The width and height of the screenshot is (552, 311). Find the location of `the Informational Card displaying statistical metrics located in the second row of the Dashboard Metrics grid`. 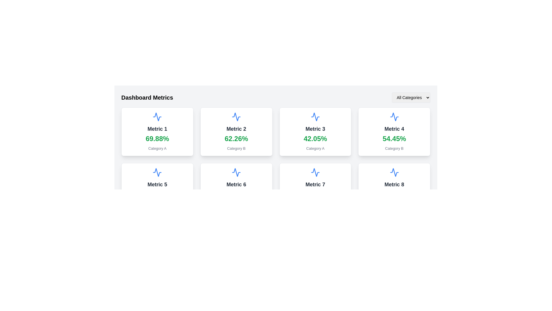

the Informational Card displaying statistical metrics located in the second row of the Dashboard Metrics grid is located at coordinates (394, 187).